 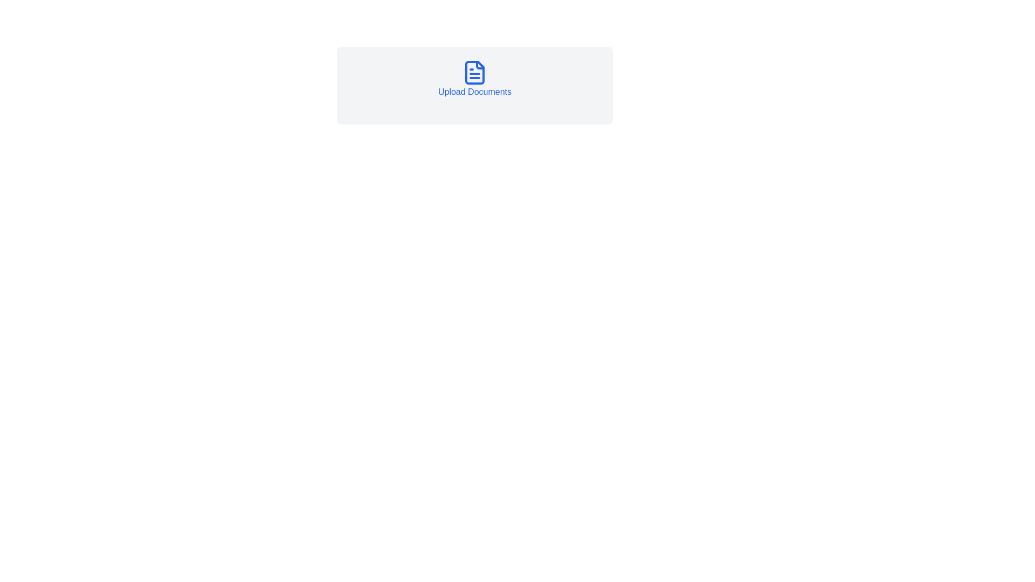 What do you see at coordinates (474, 78) in the screenshot?
I see `the interactive text link or button that allows users to upload documents` at bounding box center [474, 78].